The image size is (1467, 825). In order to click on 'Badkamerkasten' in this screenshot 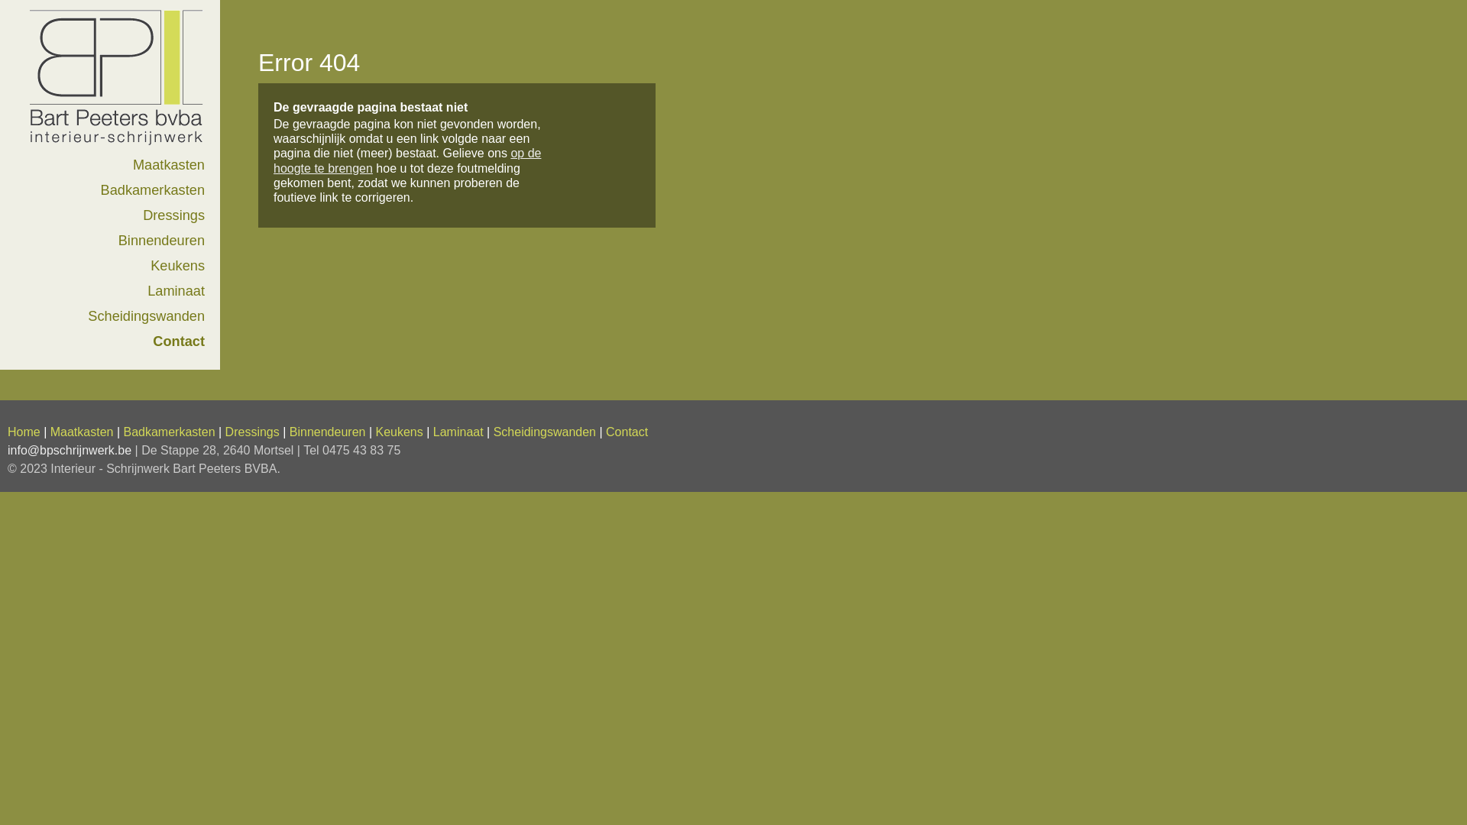, I will do `click(153, 189)`.